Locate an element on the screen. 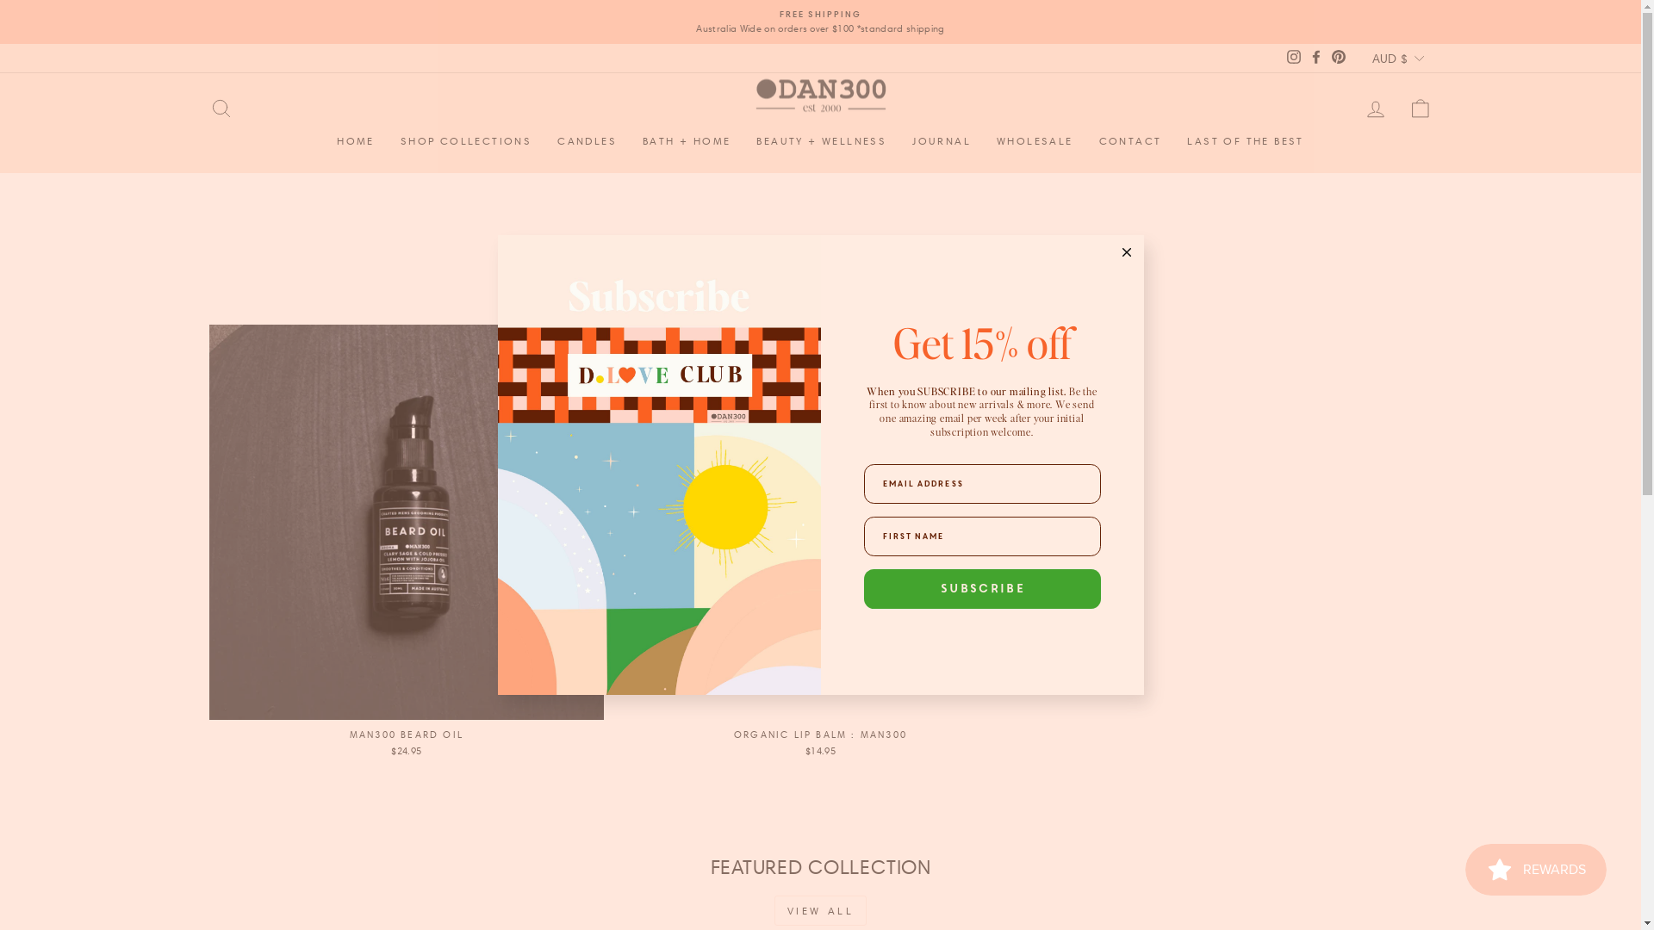 This screenshot has width=1654, height=930. 'SHOP COLLECTIONS' is located at coordinates (387, 140).